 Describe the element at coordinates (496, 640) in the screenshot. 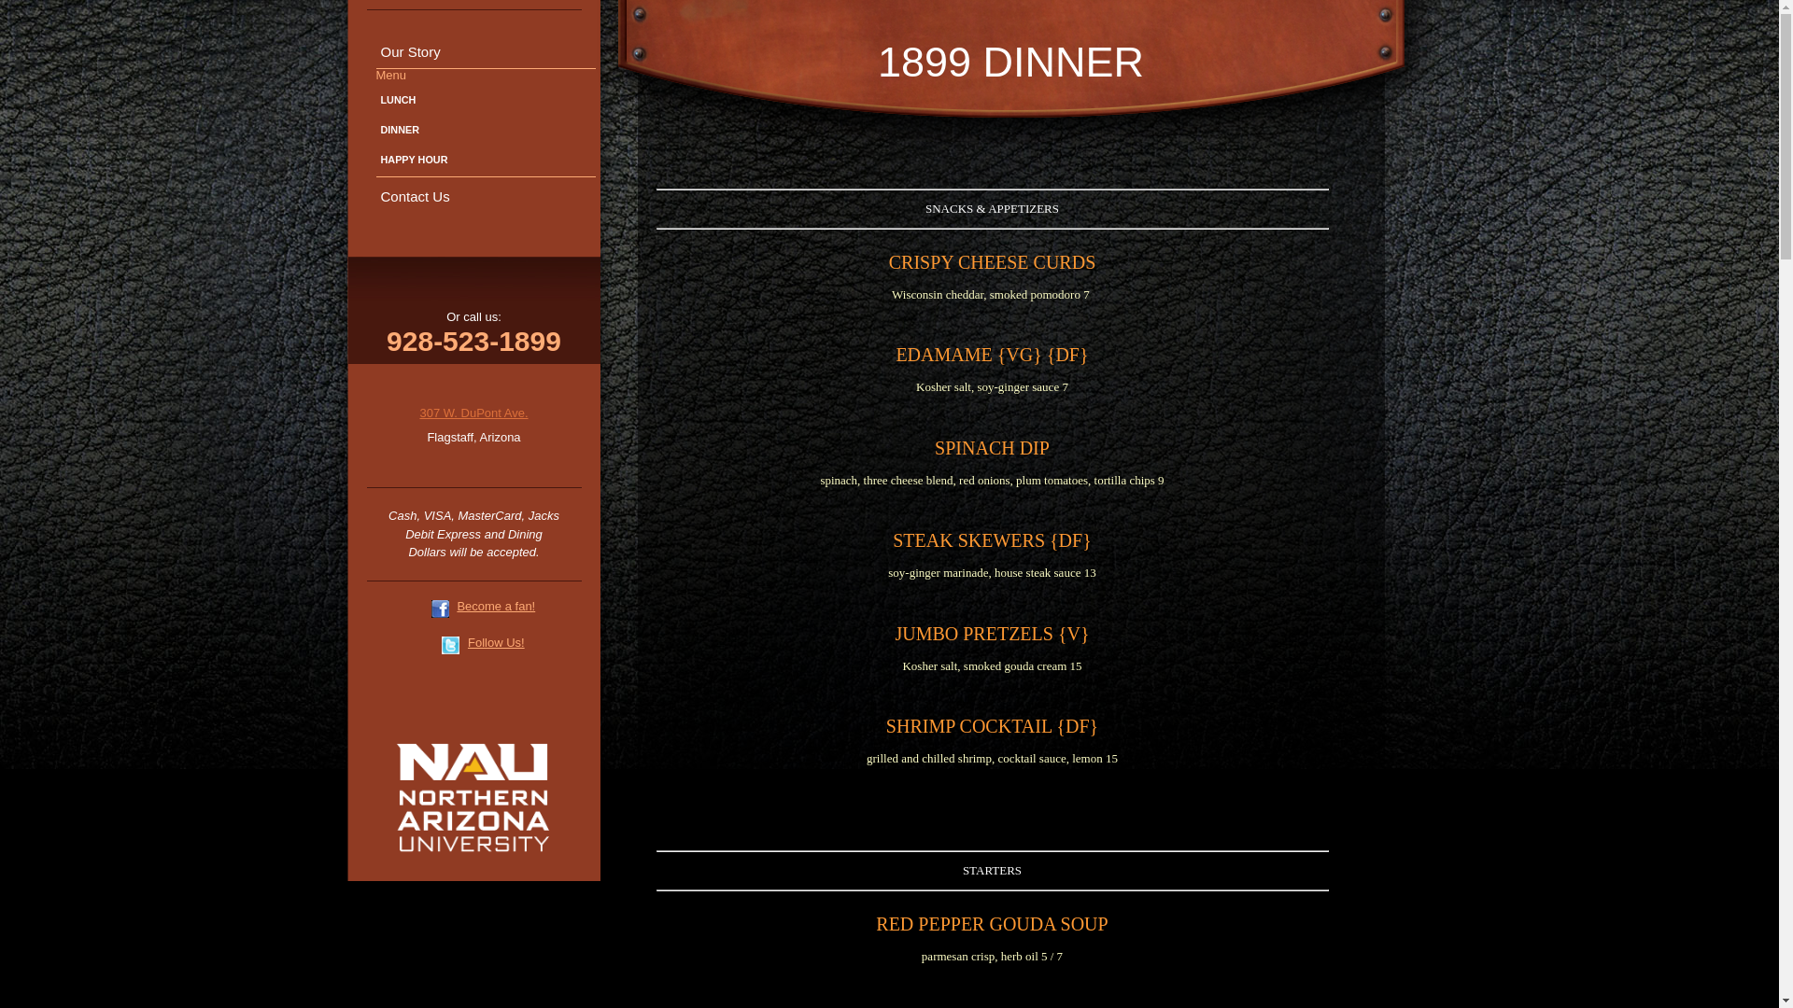

I see `'Follow Us!'` at that location.